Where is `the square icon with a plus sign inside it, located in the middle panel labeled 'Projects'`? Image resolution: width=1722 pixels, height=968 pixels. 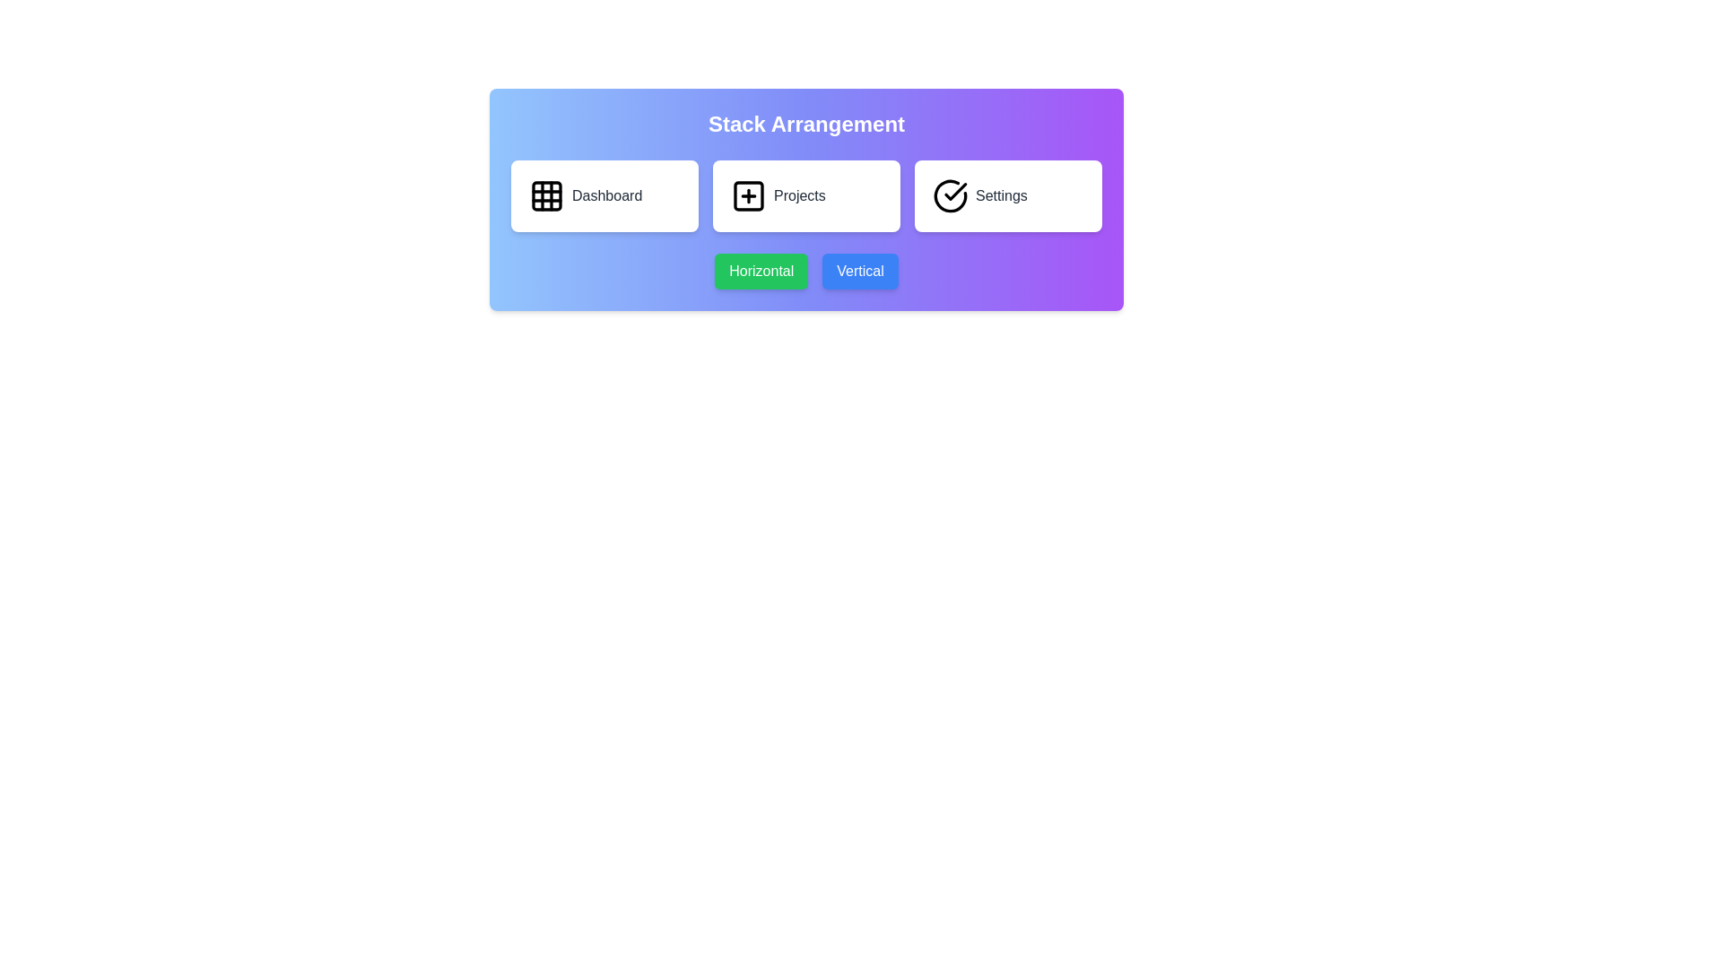 the square icon with a plus sign inside it, located in the middle panel labeled 'Projects' is located at coordinates (749, 196).